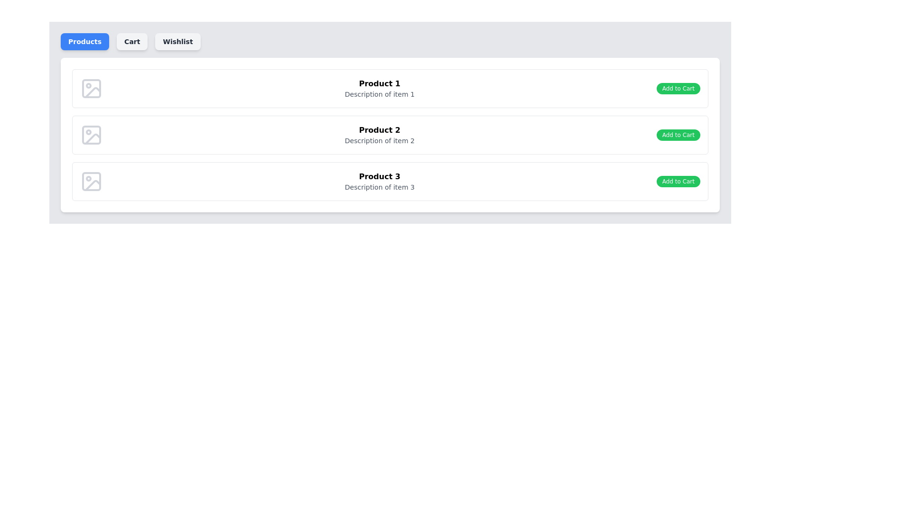 The width and height of the screenshot is (911, 512). I want to click on the small green button with rounded edges labeled 'Add to Cart', which is the third button in a group aligned to the right of the product description, so click(678, 181).